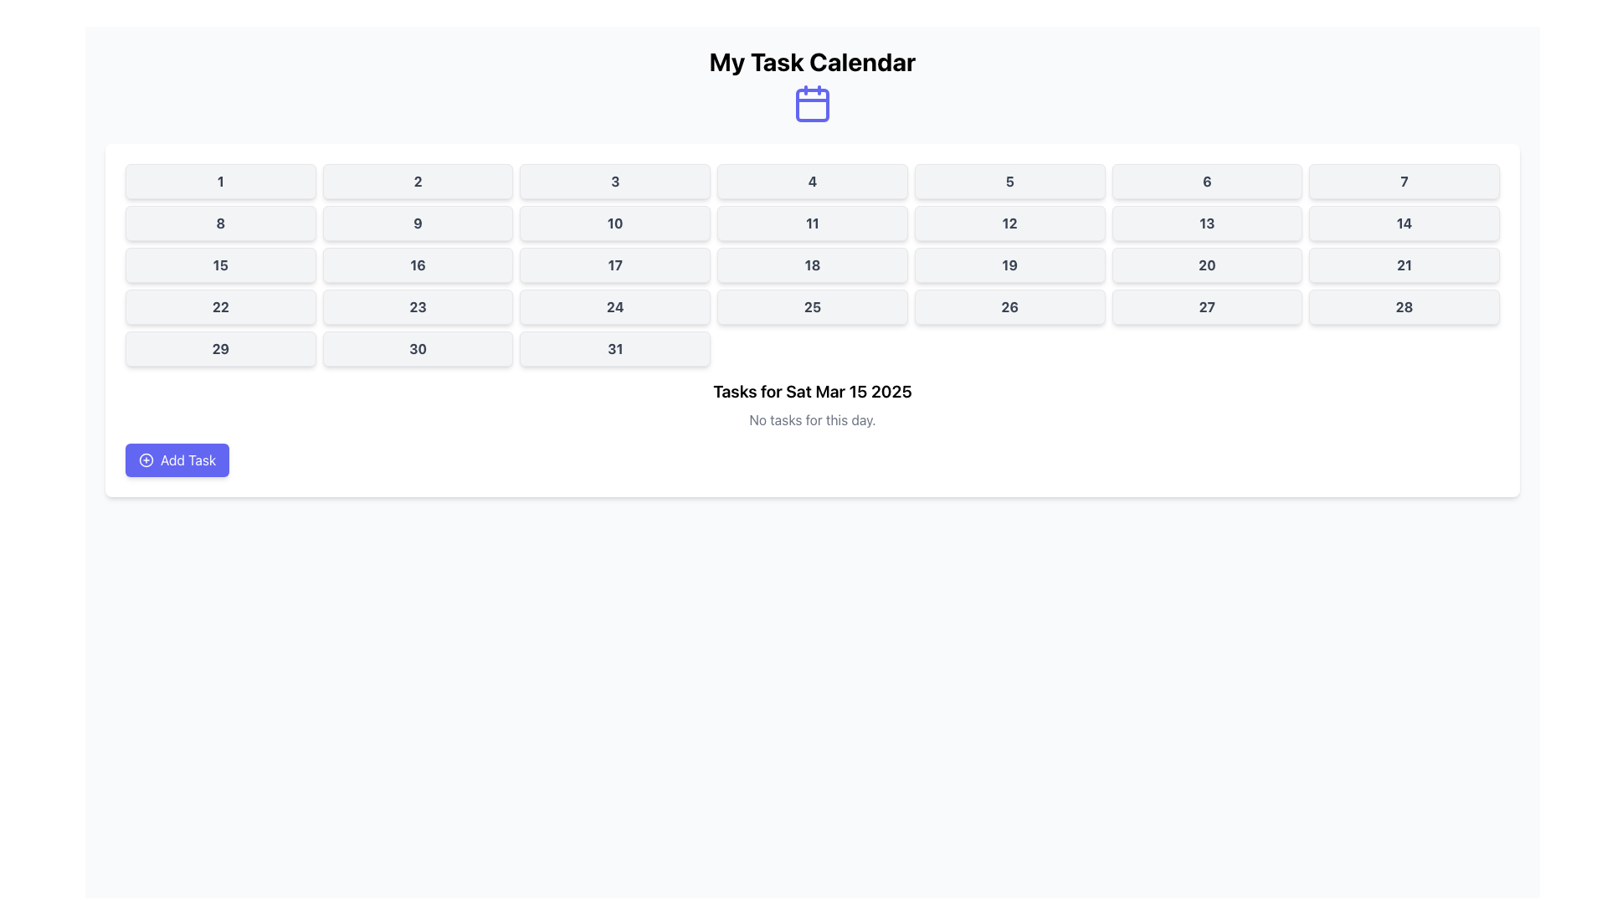 This screenshot has height=904, width=1607. Describe the element at coordinates (1404, 306) in the screenshot. I see `the button displaying the number '28' which is located in the fifth row and seventh column of the grid layout` at that location.